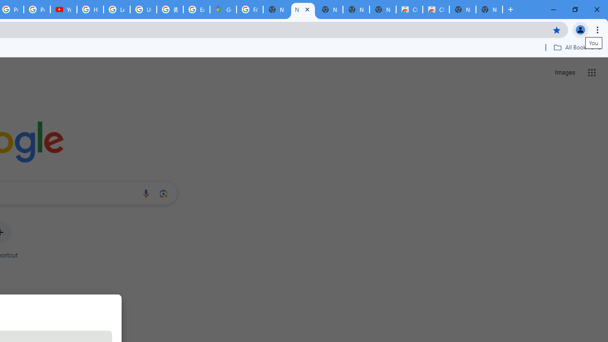  I want to click on 'Privacy Checkup', so click(37, 9).